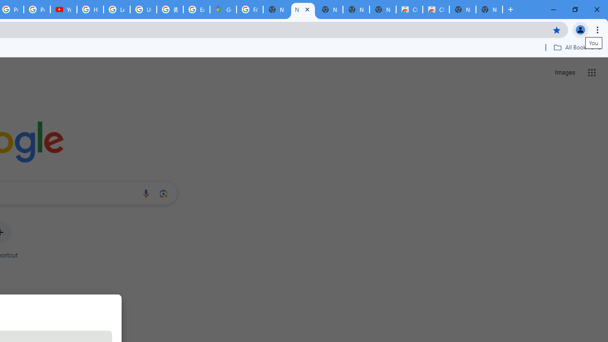  I want to click on 'Privacy Checkup', so click(37, 9).